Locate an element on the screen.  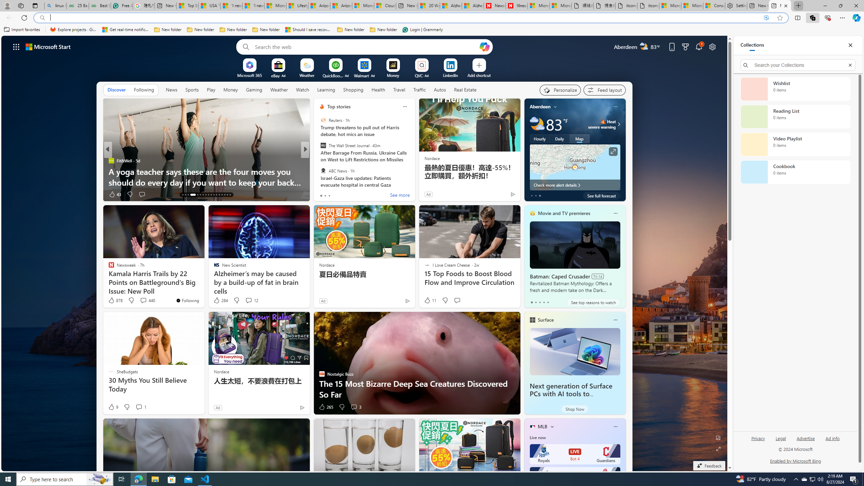
'Login | Grammarly' is located at coordinates (423, 29).